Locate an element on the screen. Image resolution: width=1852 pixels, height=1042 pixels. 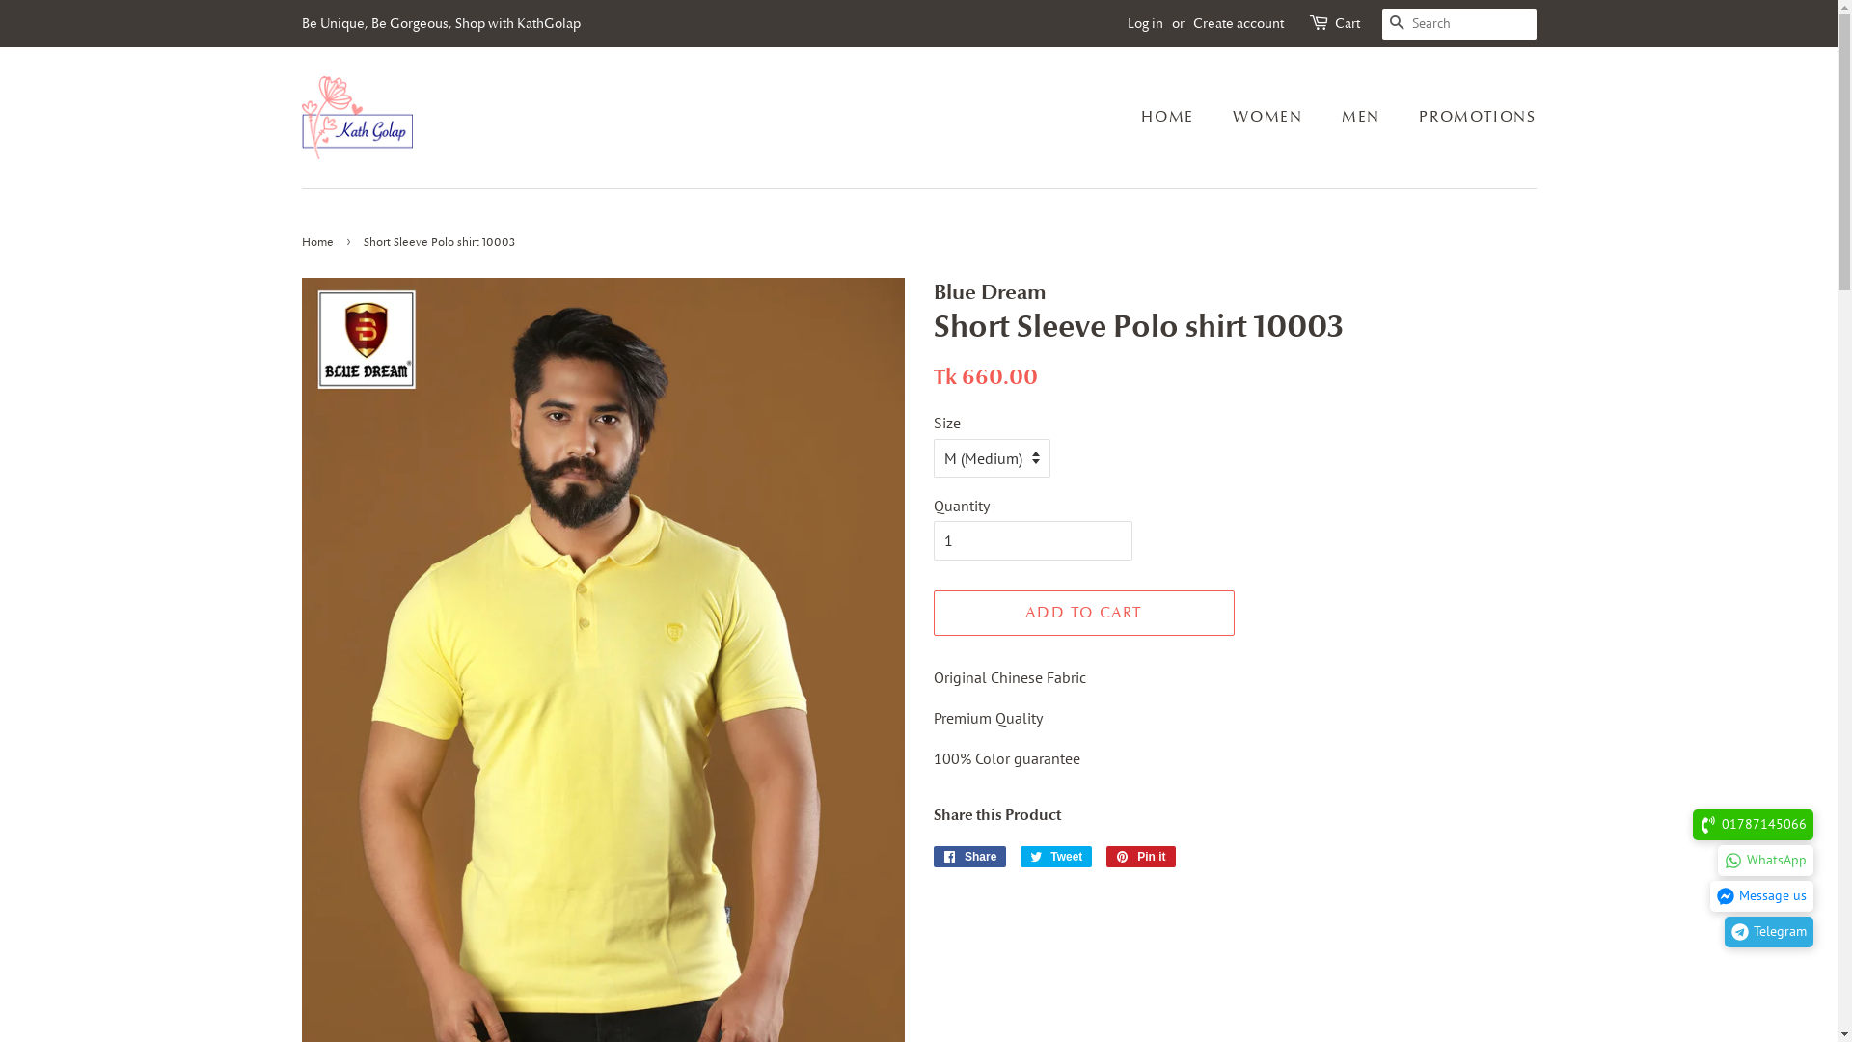
'Tweet is located at coordinates (1019, 855).